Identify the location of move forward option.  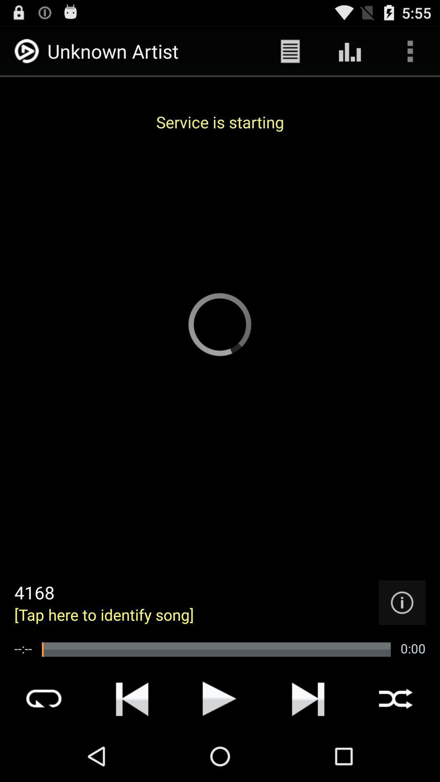
(308, 698).